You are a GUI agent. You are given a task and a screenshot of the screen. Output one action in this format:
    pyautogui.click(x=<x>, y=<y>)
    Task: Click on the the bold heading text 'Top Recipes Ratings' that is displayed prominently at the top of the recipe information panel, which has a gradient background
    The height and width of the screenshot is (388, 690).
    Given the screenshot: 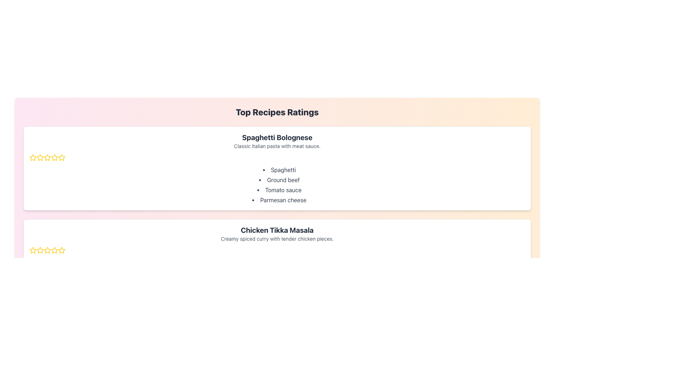 What is the action you would take?
    pyautogui.click(x=277, y=112)
    